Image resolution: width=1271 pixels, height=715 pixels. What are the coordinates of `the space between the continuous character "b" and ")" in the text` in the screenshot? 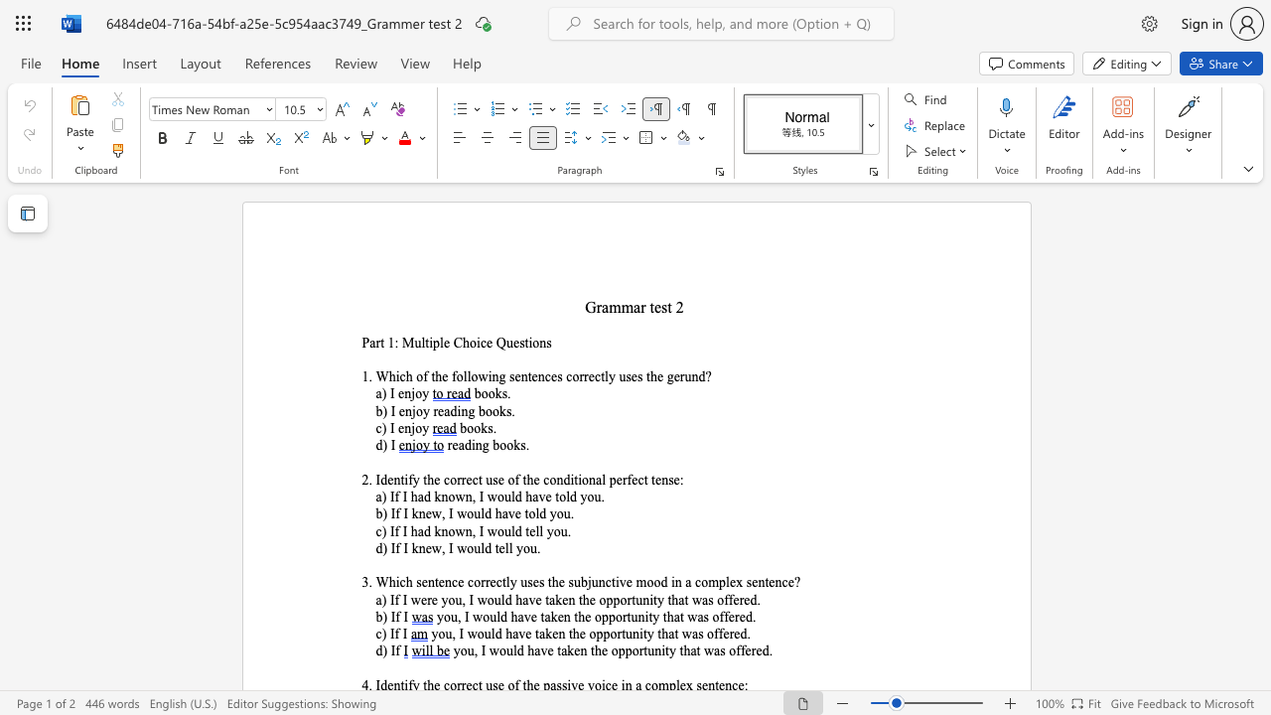 It's located at (381, 616).